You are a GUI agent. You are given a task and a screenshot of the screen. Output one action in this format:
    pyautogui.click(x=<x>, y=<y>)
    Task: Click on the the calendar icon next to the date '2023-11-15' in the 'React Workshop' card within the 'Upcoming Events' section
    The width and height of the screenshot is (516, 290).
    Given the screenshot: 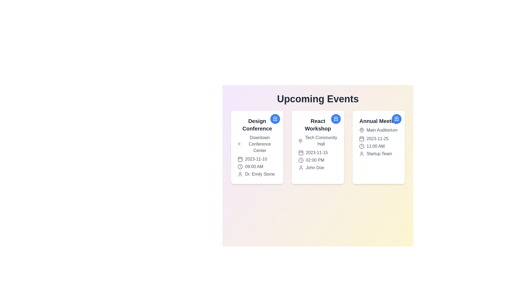 What is the action you would take?
    pyautogui.click(x=300, y=153)
    